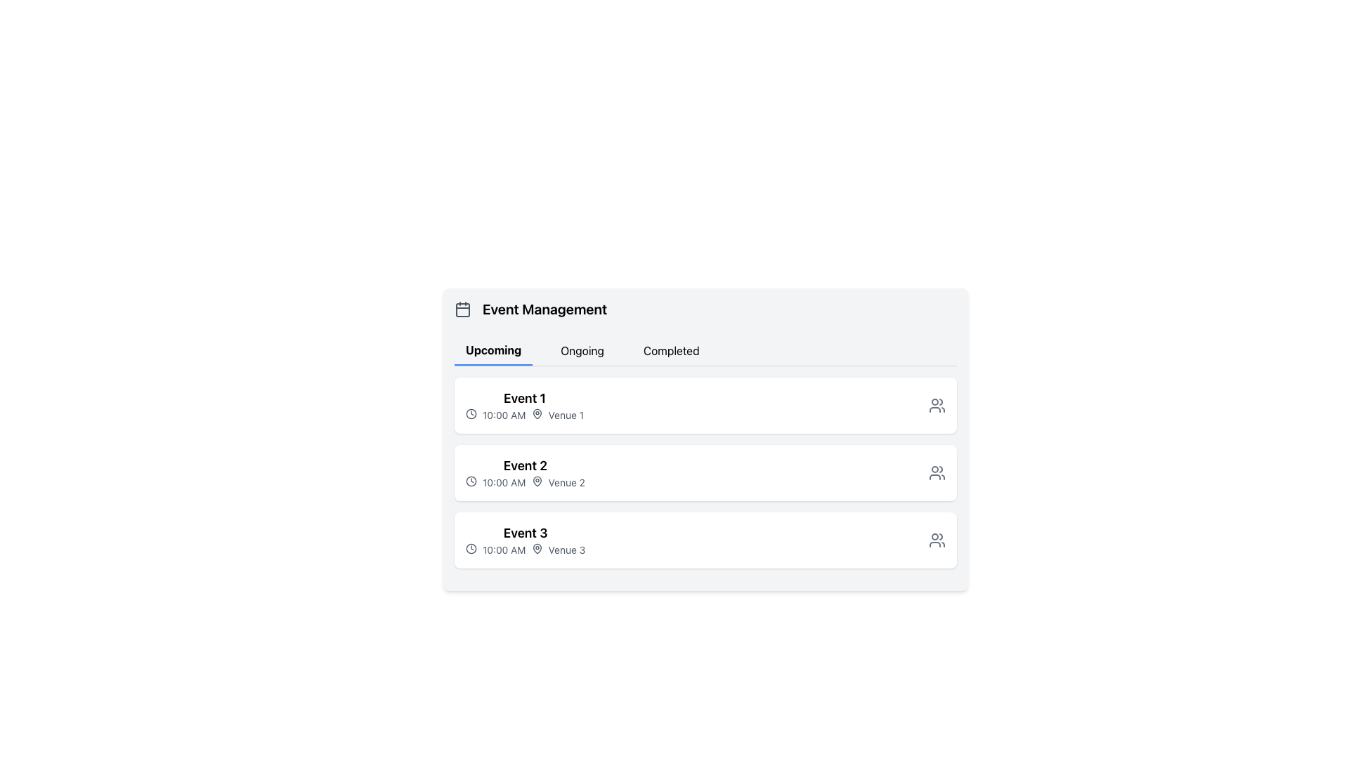 Image resolution: width=1349 pixels, height=758 pixels. What do you see at coordinates (536, 548) in the screenshot?
I see `the venue marker icon located in the 'Event 3' section, positioned immediately before the text 'Venue 3'` at bounding box center [536, 548].